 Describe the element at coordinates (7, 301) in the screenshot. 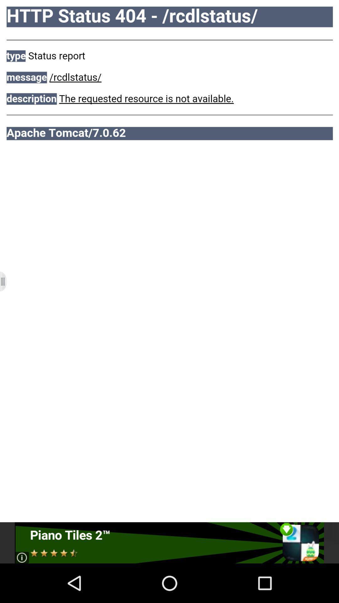

I see `the menu icon` at that location.